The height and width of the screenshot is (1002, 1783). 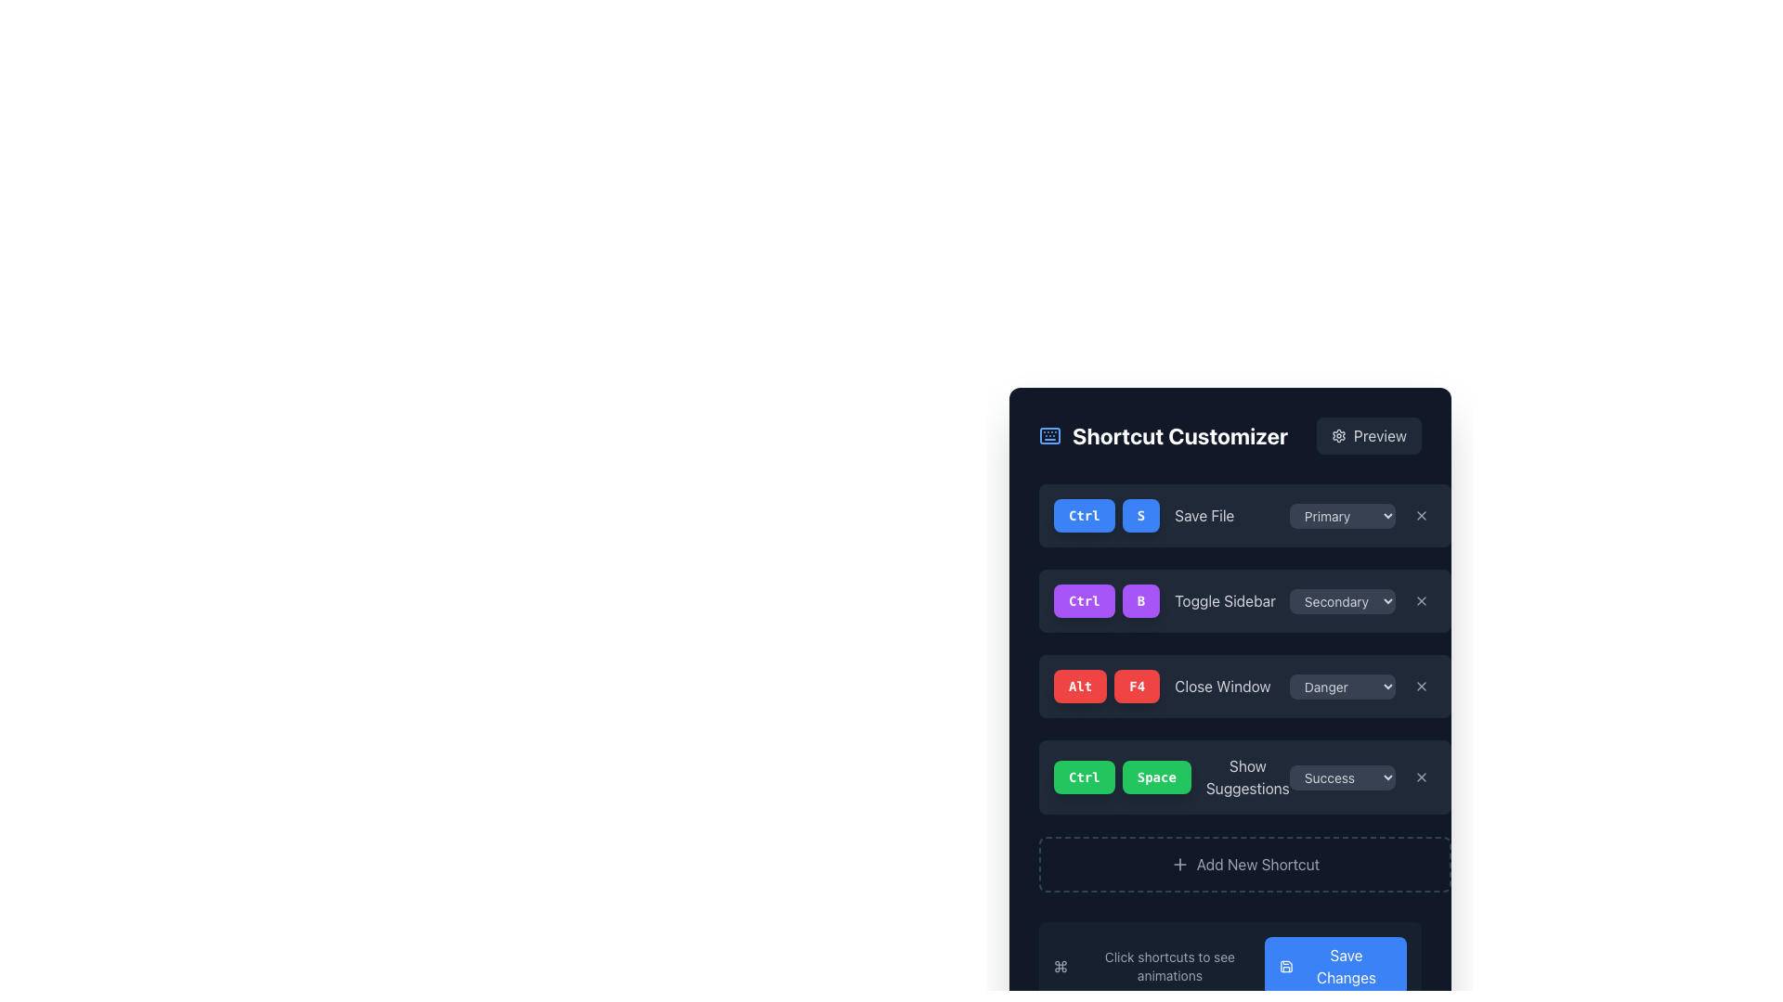 What do you see at coordinates (1339, 436) in the screenshot?
I see `the settings gear icon located at the top-right corner of the interface` at bounding box center [1339, 436].